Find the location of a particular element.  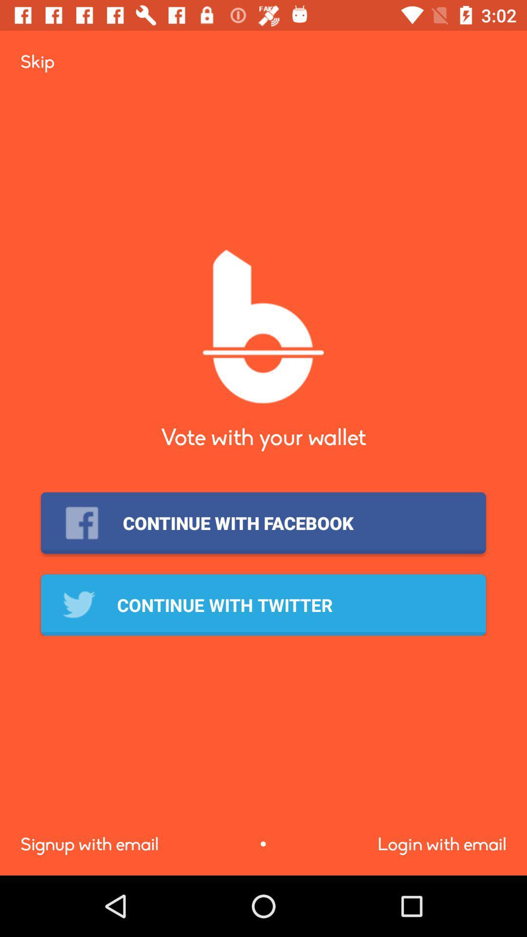

icon above the vote with your icon is located at coordinates (37, 61).